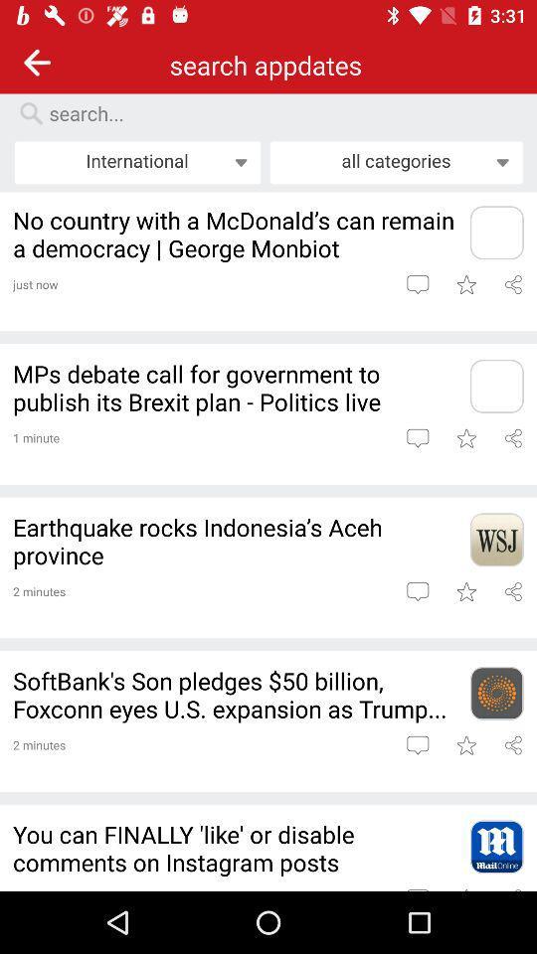 Image resolution: width=537 pixels, height=954 pixels. I want to click on share the selected article, so click(513, 438).